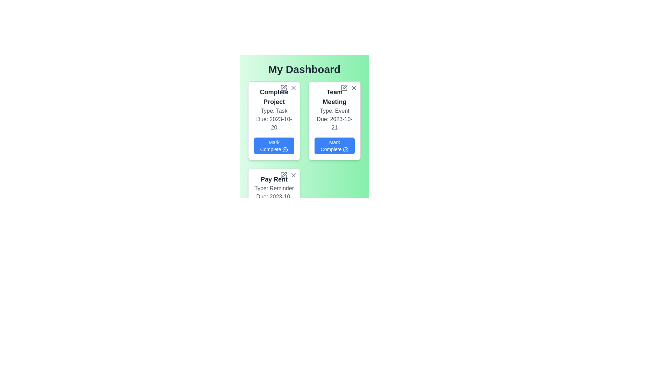 Image resolution: width=671 pixels, height=377 pixels. What do you see at coordinates (283, 175) in the screenshot?
I see `the edit icon button located at the top-right of the 'Pay Rent' card to observe a color change` at bounding box center [283, 175].